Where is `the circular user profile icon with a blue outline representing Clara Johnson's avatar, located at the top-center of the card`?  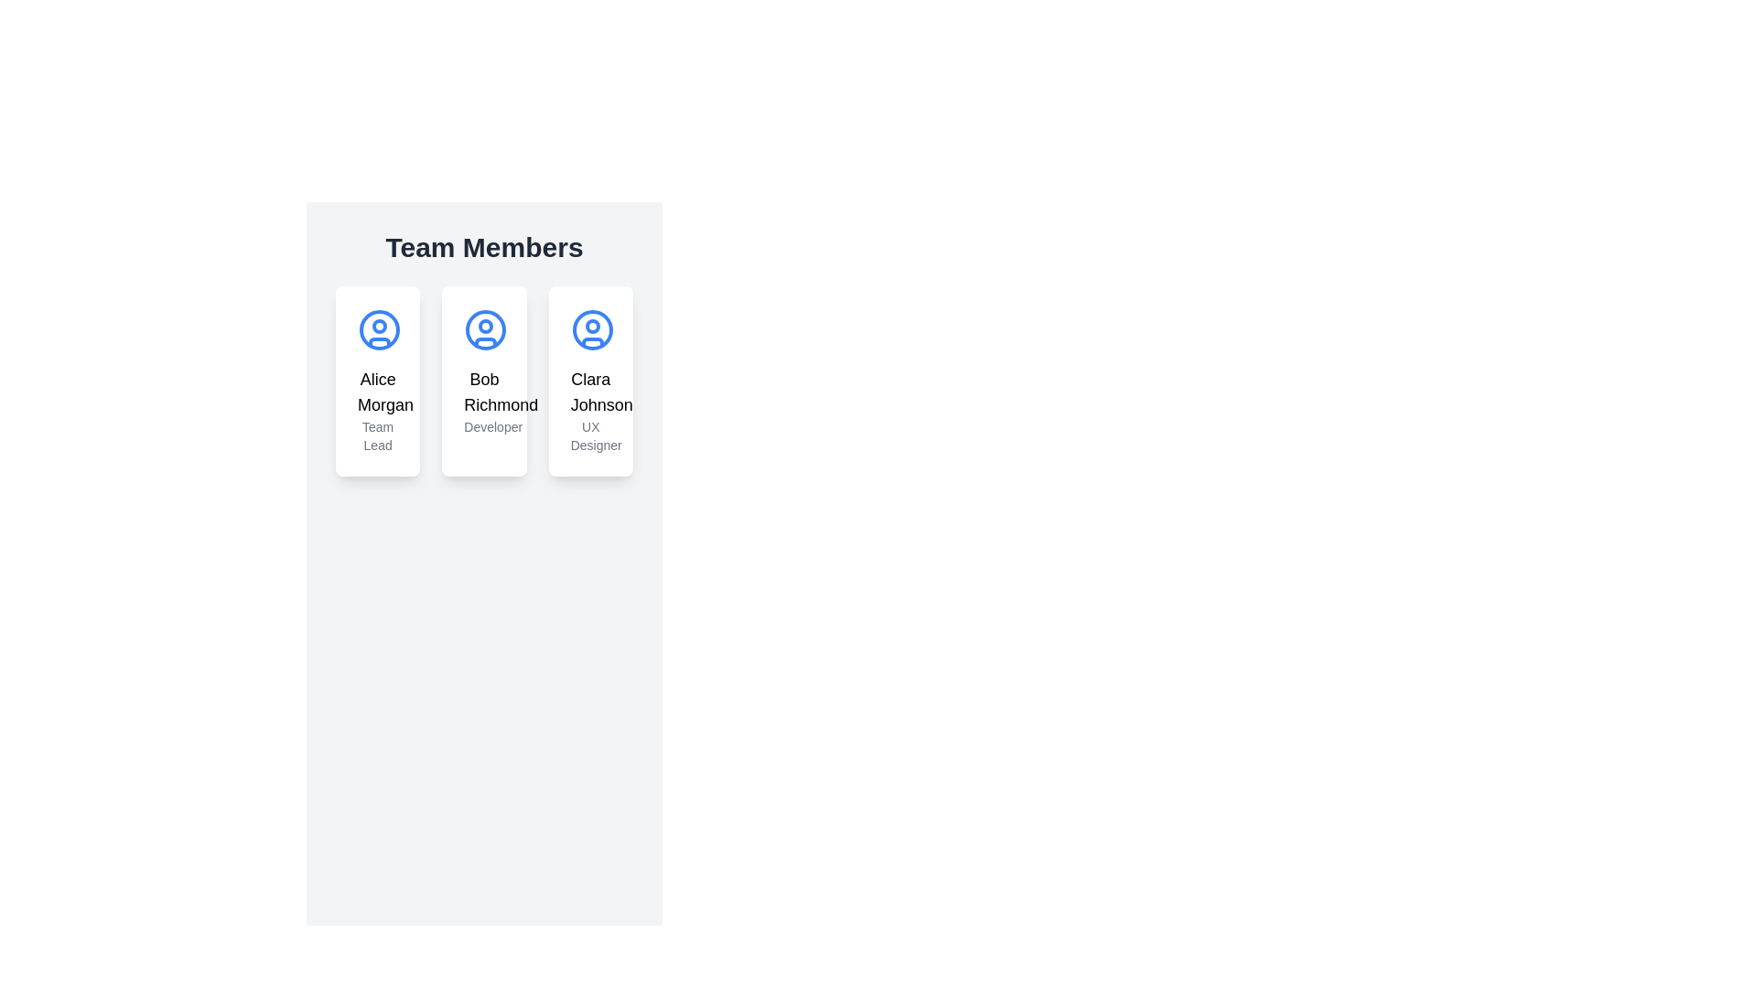 the circular user profile icon with a blue outline representing Clara Johnson's avatar, located at the top-center of the card is located at coordinates (592, 330).